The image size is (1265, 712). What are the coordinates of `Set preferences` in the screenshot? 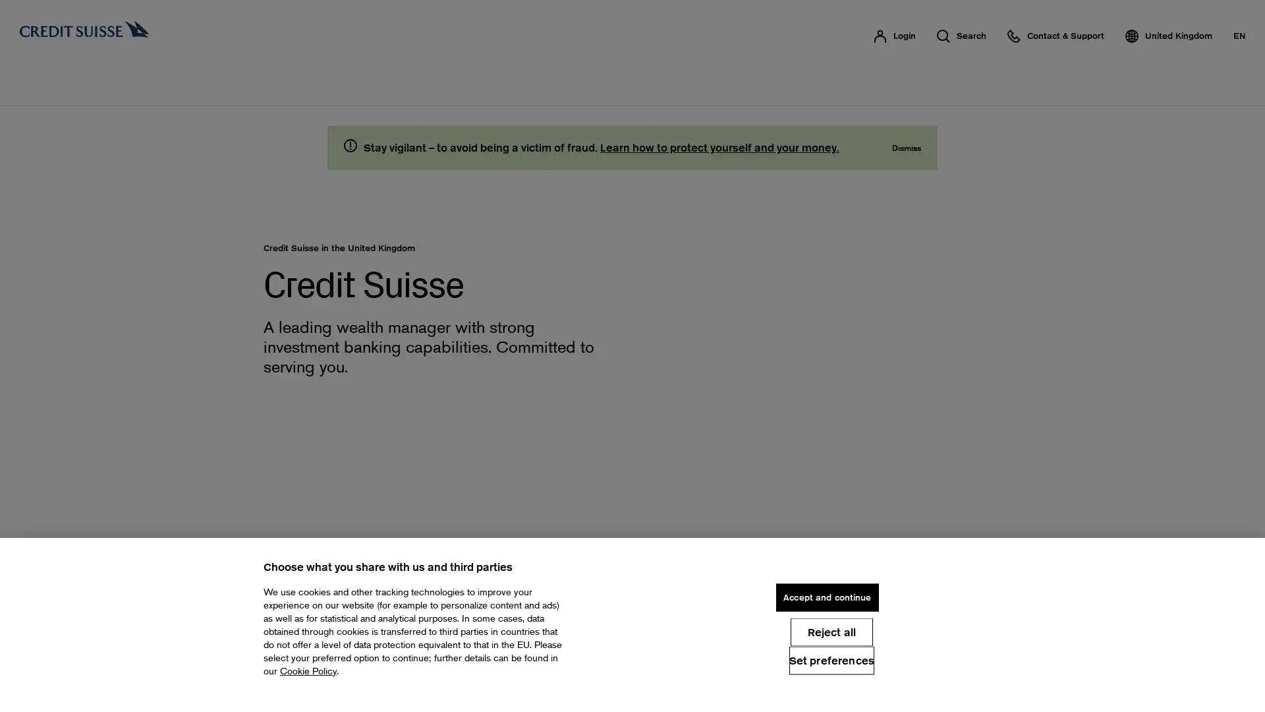 It's located at (831, 660).